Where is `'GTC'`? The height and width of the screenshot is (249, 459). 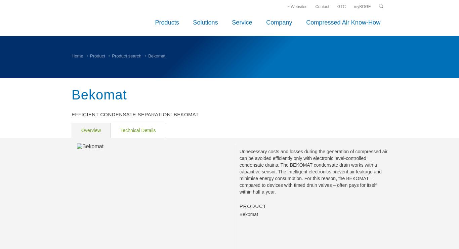 'GTC' is located at coordinates (341, 6).